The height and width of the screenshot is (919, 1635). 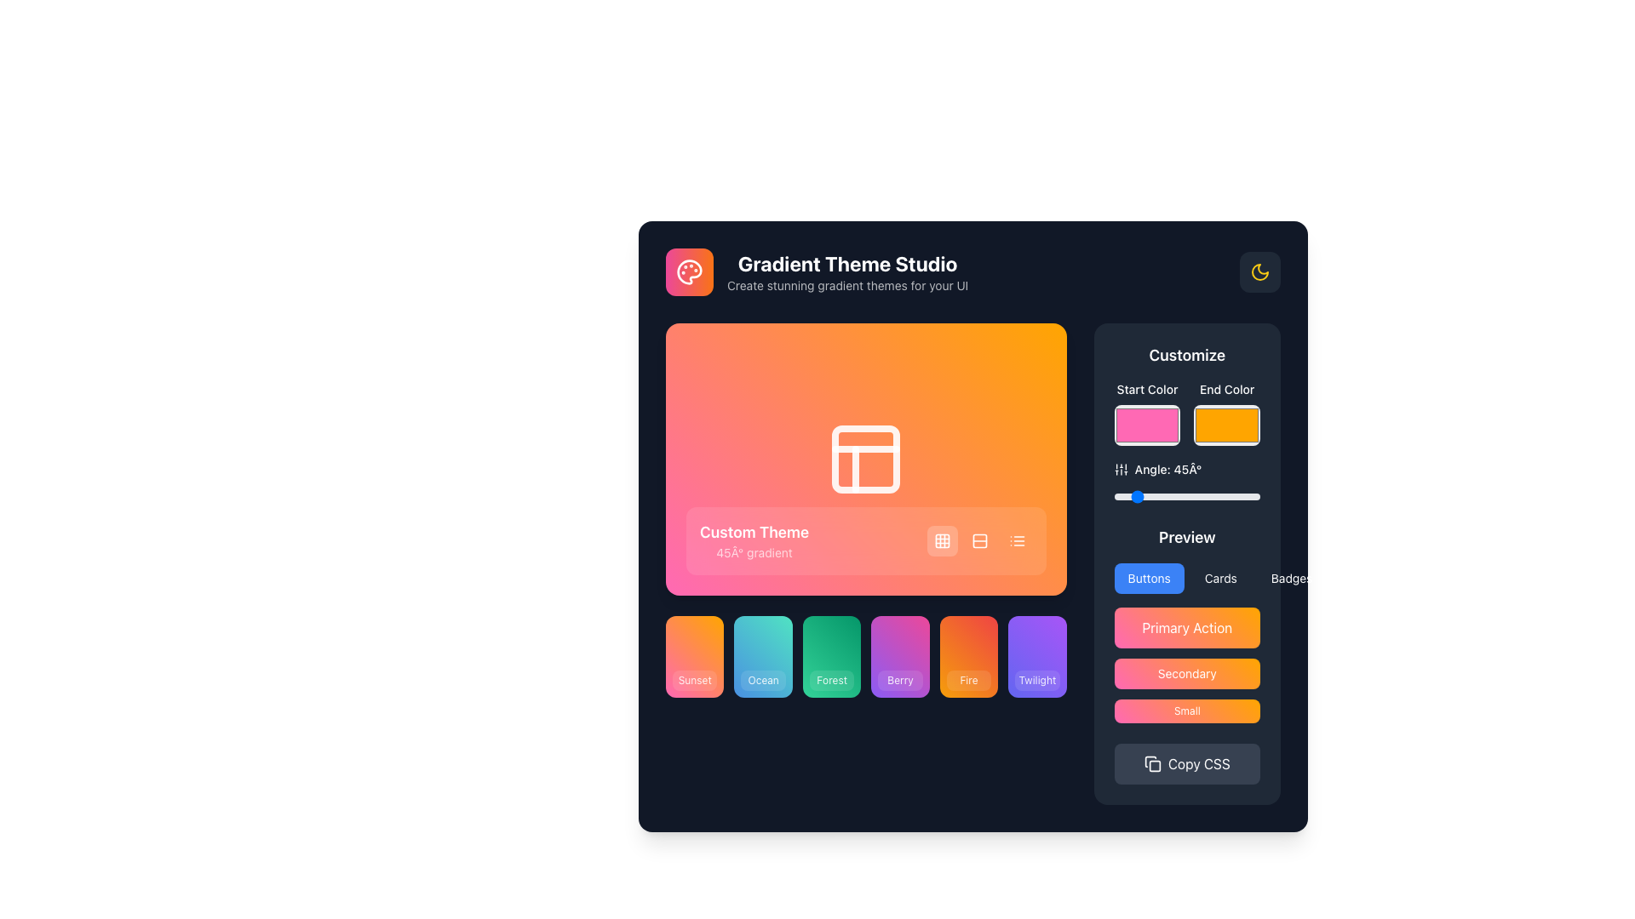 I want to click on the paint palette icon located in the upper-left corner of the application interface, so click(x=690, y=271).